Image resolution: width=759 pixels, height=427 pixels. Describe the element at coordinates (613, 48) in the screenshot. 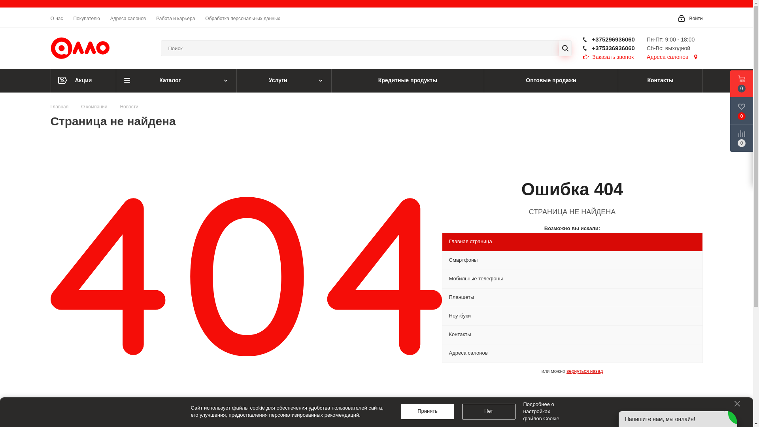

I see `'+375336936060'` at that location.